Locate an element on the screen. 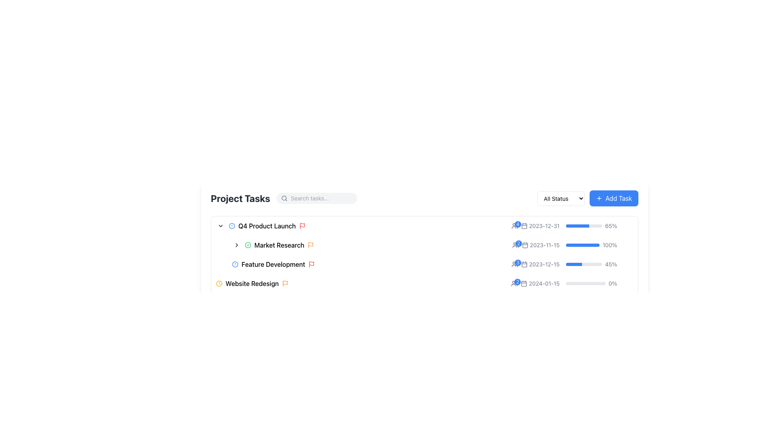 Image resolution: width=768 pixels, height=432 pixels. the waving banner part of the flag icon, which is located next to the 'Feature Development' task in the 'Project Tasks' list is located at coordinates (311, 264).